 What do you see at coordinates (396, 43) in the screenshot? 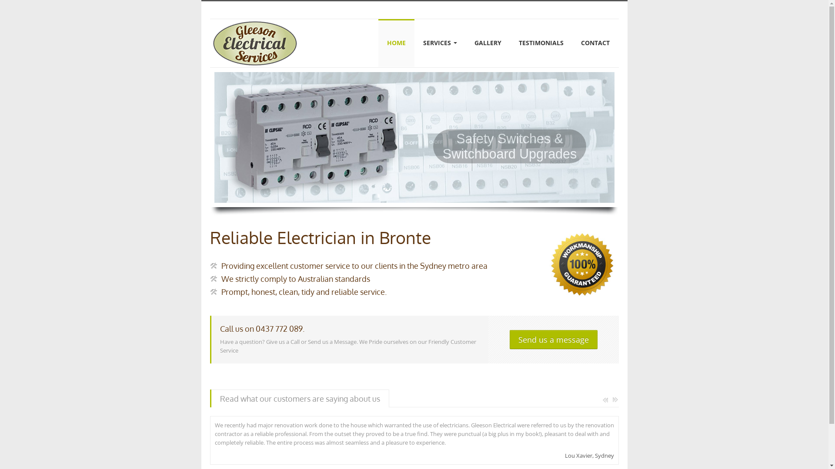
I see `'HOME'` at bounding box center [396, 43].